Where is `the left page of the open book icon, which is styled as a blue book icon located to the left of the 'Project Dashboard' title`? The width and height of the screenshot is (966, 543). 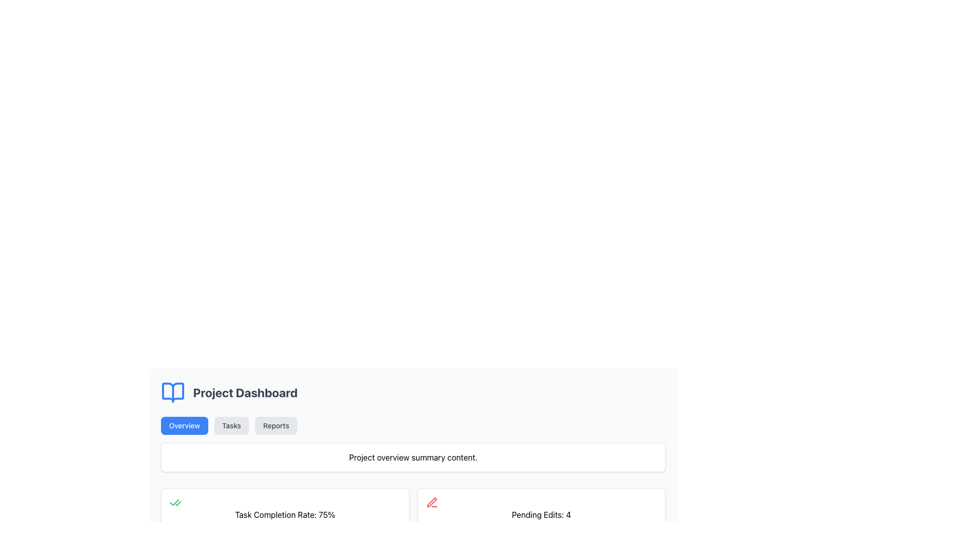 the left page of the open book icon, which is styled as a blue book icon located to the left of the 'Project Dashboard' title is located at coordinates (173, 392).